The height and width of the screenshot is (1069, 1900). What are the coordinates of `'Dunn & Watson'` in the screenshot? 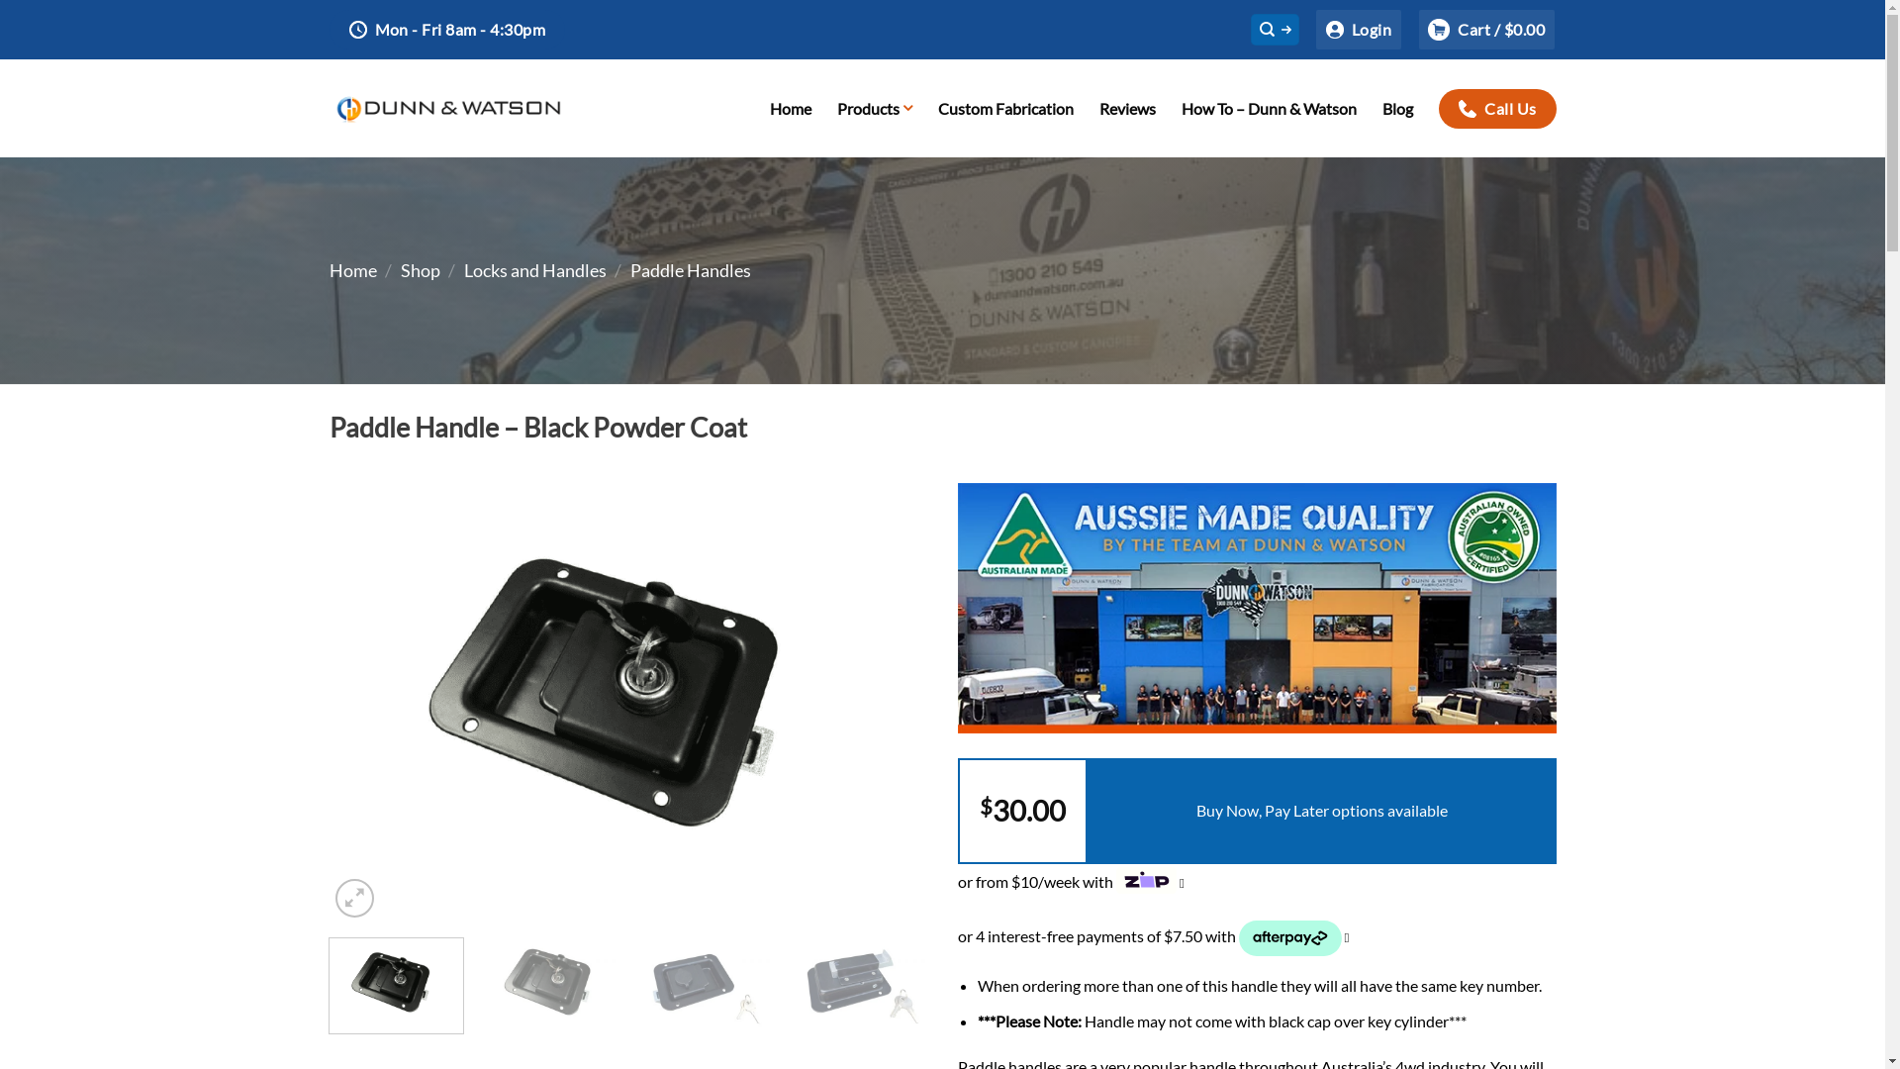 It's located at (445, 108).